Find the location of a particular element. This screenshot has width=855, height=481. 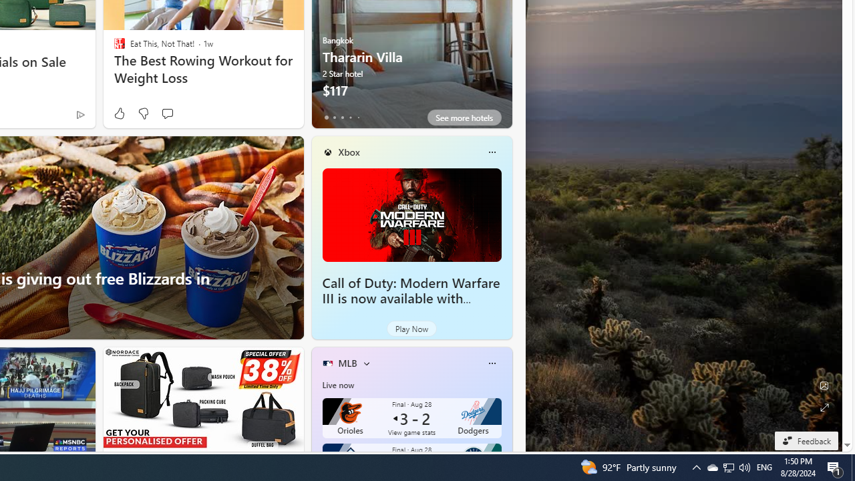

'Dislike' is located at coordinates (143, 113).